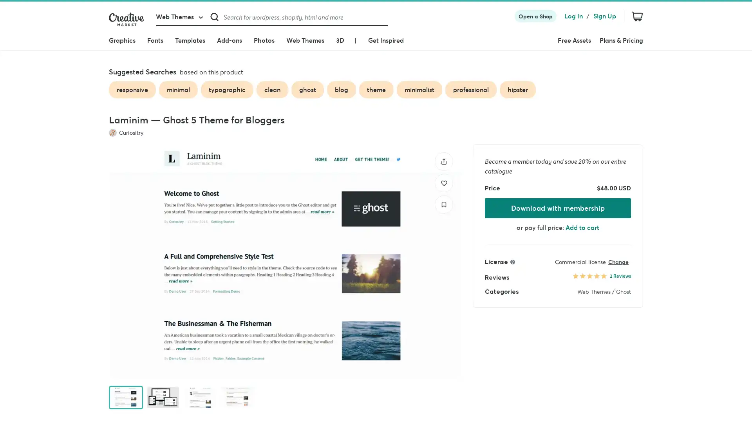  What do you see at coordinates (621, 40) in the screenshot?
I see `Plans & Pricing` at bounding box center [621, 40].